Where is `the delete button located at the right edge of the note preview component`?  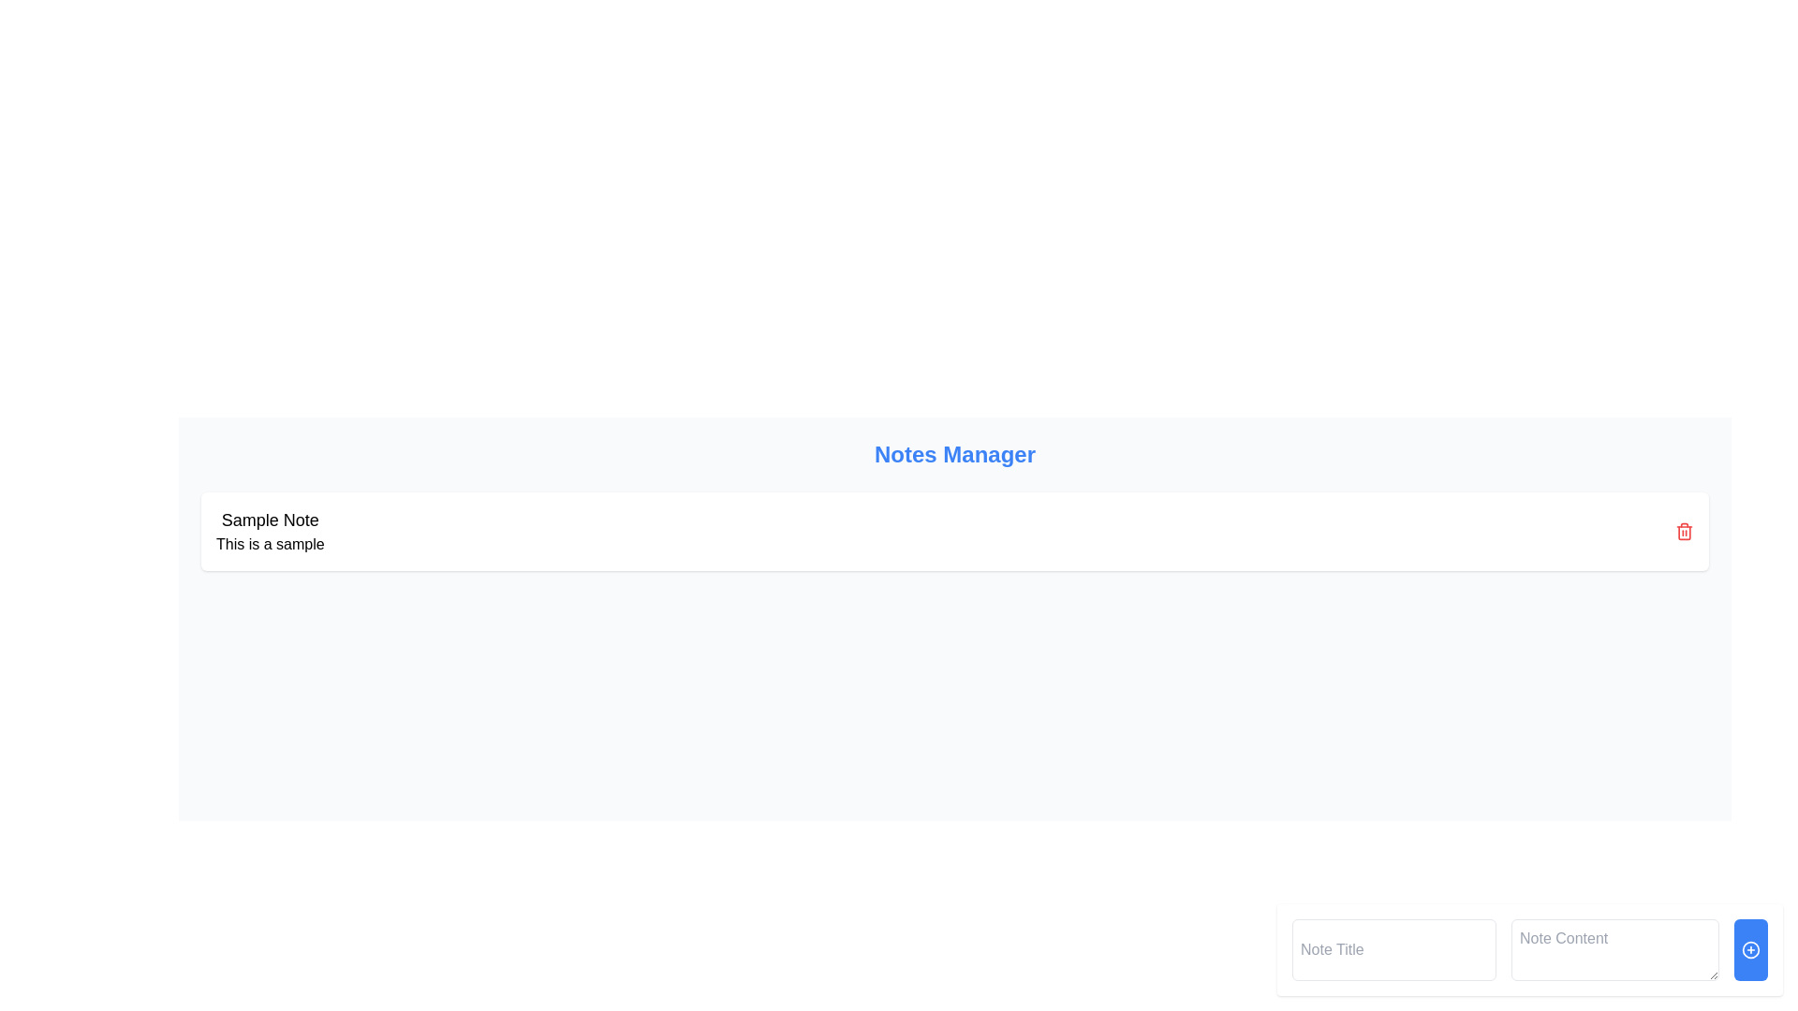
the delete button located at the right edge of the note preview component is located at coordinates (1685, 531).